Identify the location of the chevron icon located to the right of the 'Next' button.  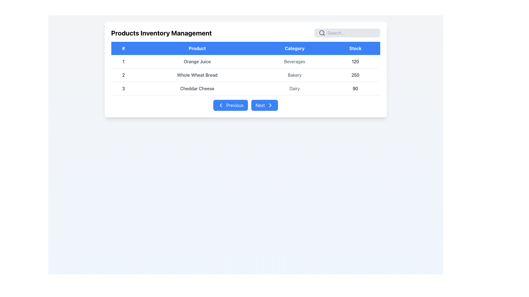
(270, 105).